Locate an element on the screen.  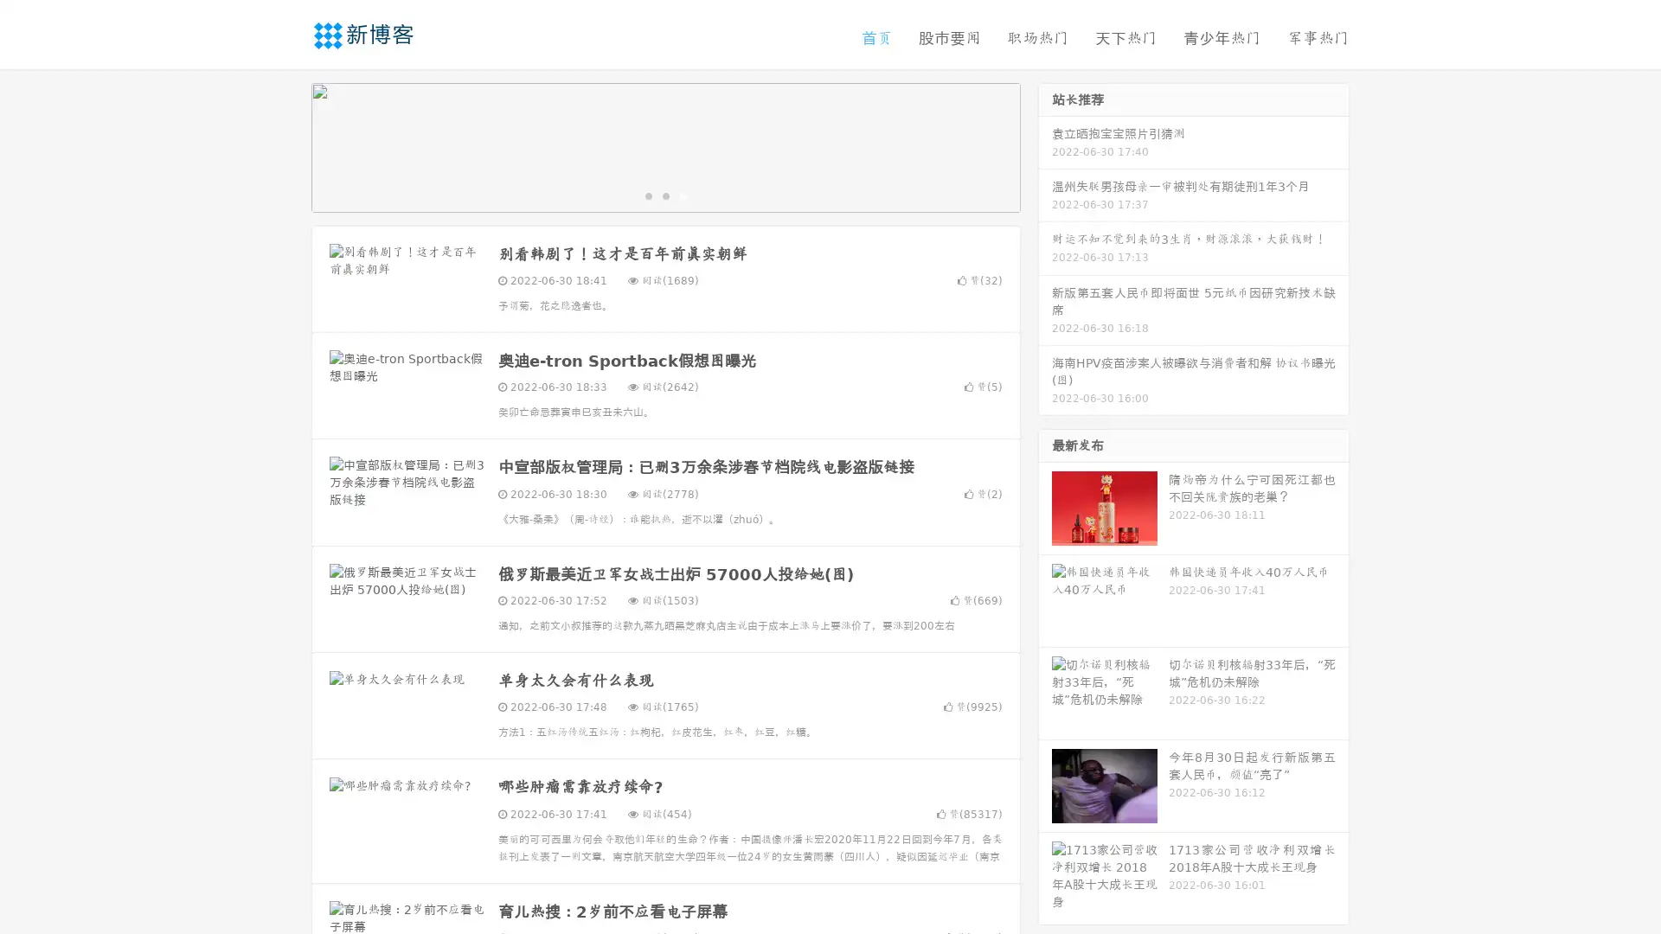
Go to slide 1 is located at coordinates (647, 195).